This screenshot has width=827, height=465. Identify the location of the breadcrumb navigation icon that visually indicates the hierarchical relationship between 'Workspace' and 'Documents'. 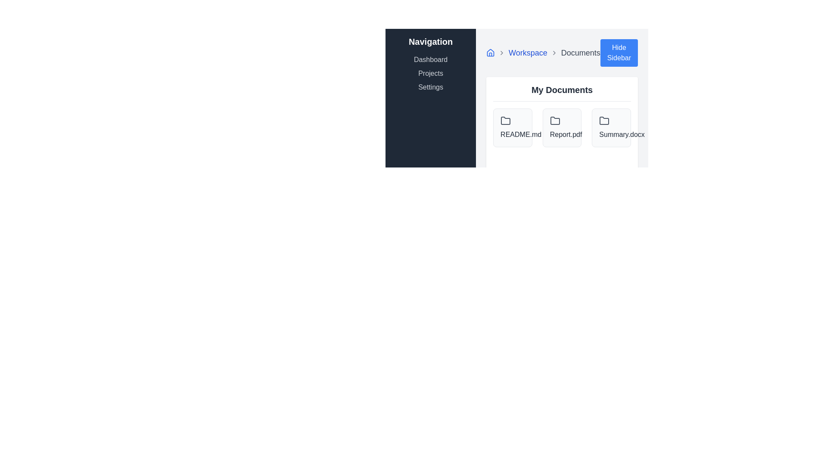
(554, 53).